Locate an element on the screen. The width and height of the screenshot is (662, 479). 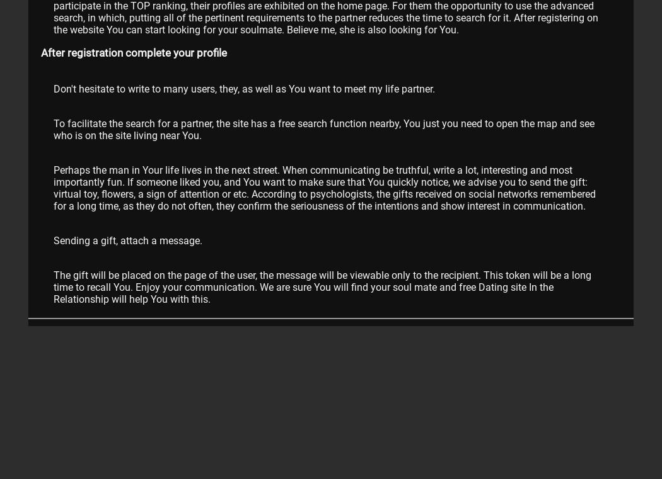
'face talk chat in the village Machinga (Malawi)' is located at coordinates (151, 349).